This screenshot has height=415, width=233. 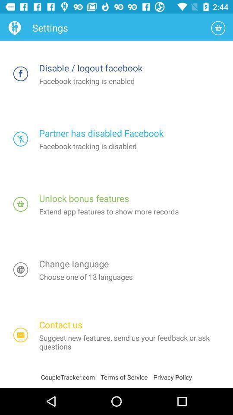 I want to click on the app next to the change language icon, so click(x=21, y=269).